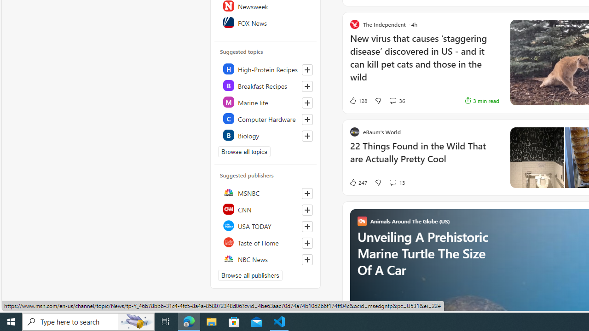 Image resolution: width=589 pixels, height=331 pixels. I want to click on 'FOX News', so click(266, 22).